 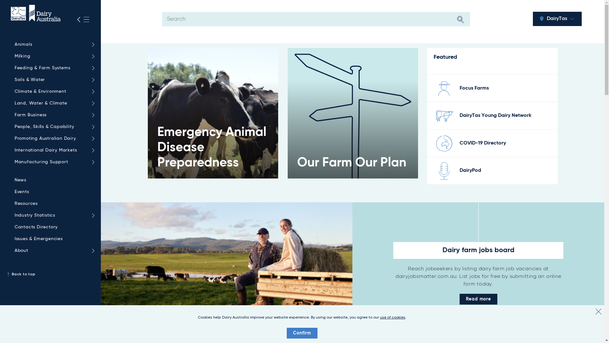 I want to click on 'COVID-19 Directory', so click(x=482, y=143).